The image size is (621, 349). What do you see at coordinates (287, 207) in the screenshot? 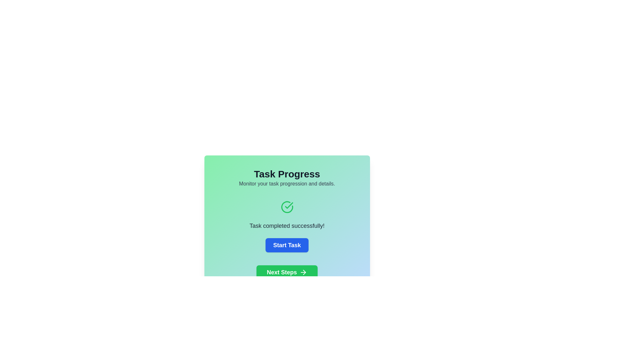
I see `the icon that visually indicates the successful completion of a task, located above the text 'Task completed successfully!' and below the section title 'Task Progress'` at bounding box center [287, 207].